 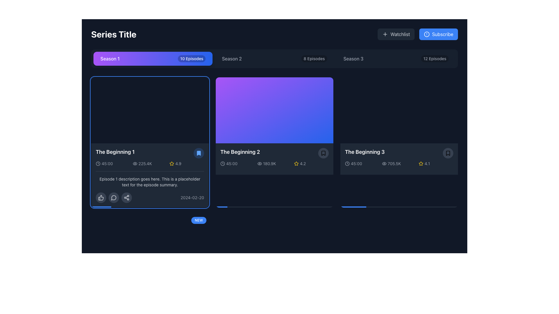 What do you see at coordinates (448, 153) in the screenshot?
I see `the circular dark gray button with a bookmark icon located to the right of the text 'The Beginning 3'` at bounding box center [448, 153].